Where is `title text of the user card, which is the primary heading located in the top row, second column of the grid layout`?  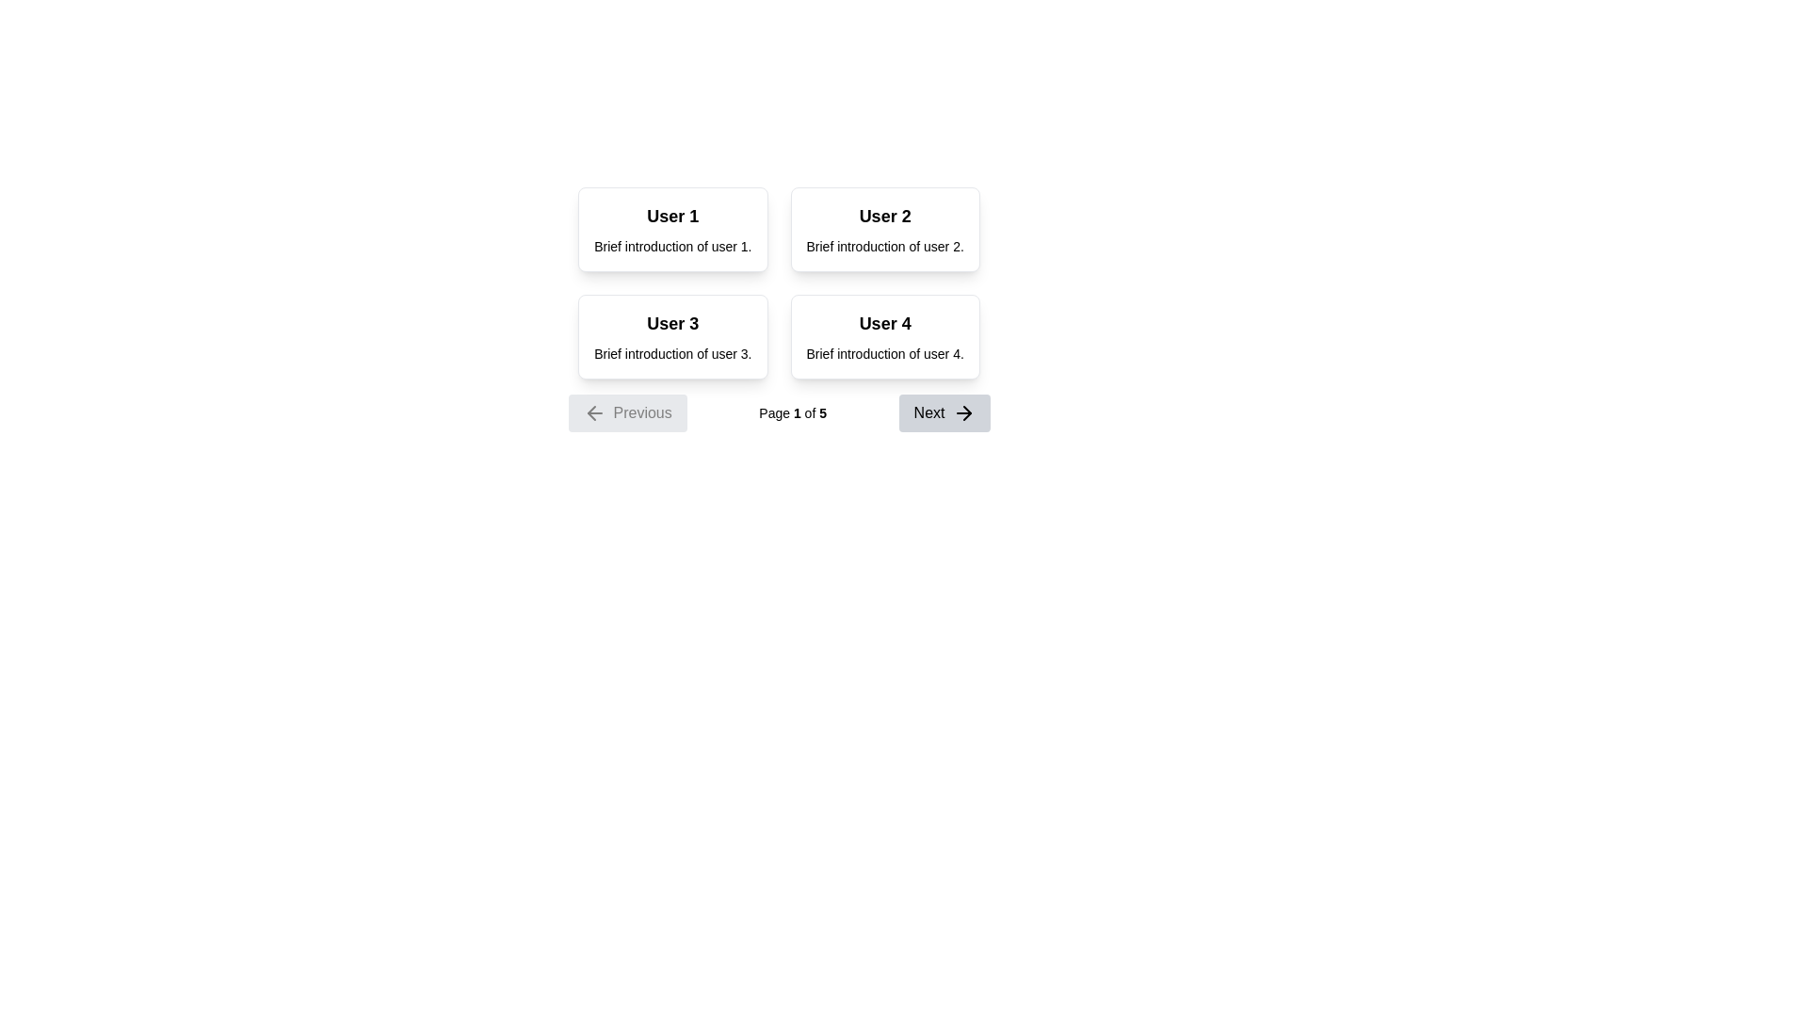 title text of the user card, which is the primary heading located in the top row, second column of the grid layout is located at coordinates (884, 216).